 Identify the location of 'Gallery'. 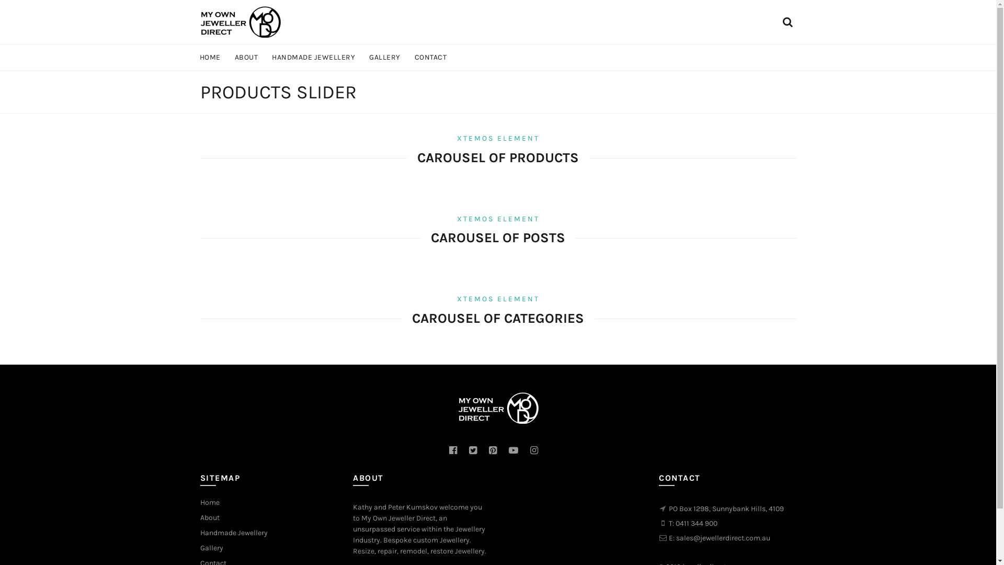
(200, 547).